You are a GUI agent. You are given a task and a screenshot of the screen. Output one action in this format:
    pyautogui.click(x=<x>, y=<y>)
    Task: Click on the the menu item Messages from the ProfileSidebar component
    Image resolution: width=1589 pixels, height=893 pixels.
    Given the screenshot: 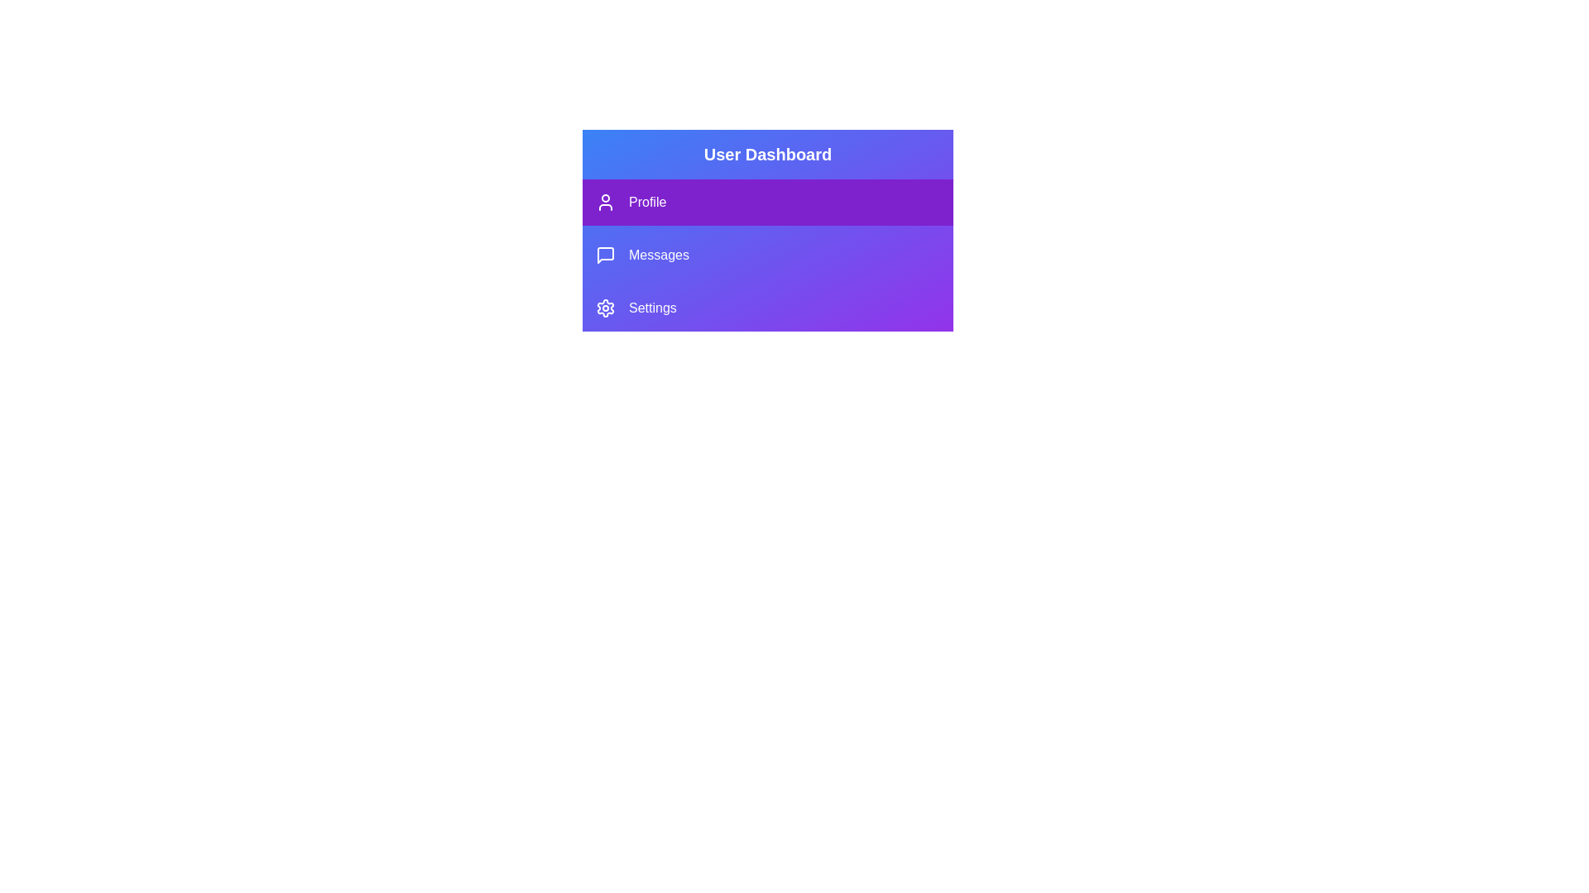 What is the action you would take?
    pyautogui.click(x=766, y=255)
    